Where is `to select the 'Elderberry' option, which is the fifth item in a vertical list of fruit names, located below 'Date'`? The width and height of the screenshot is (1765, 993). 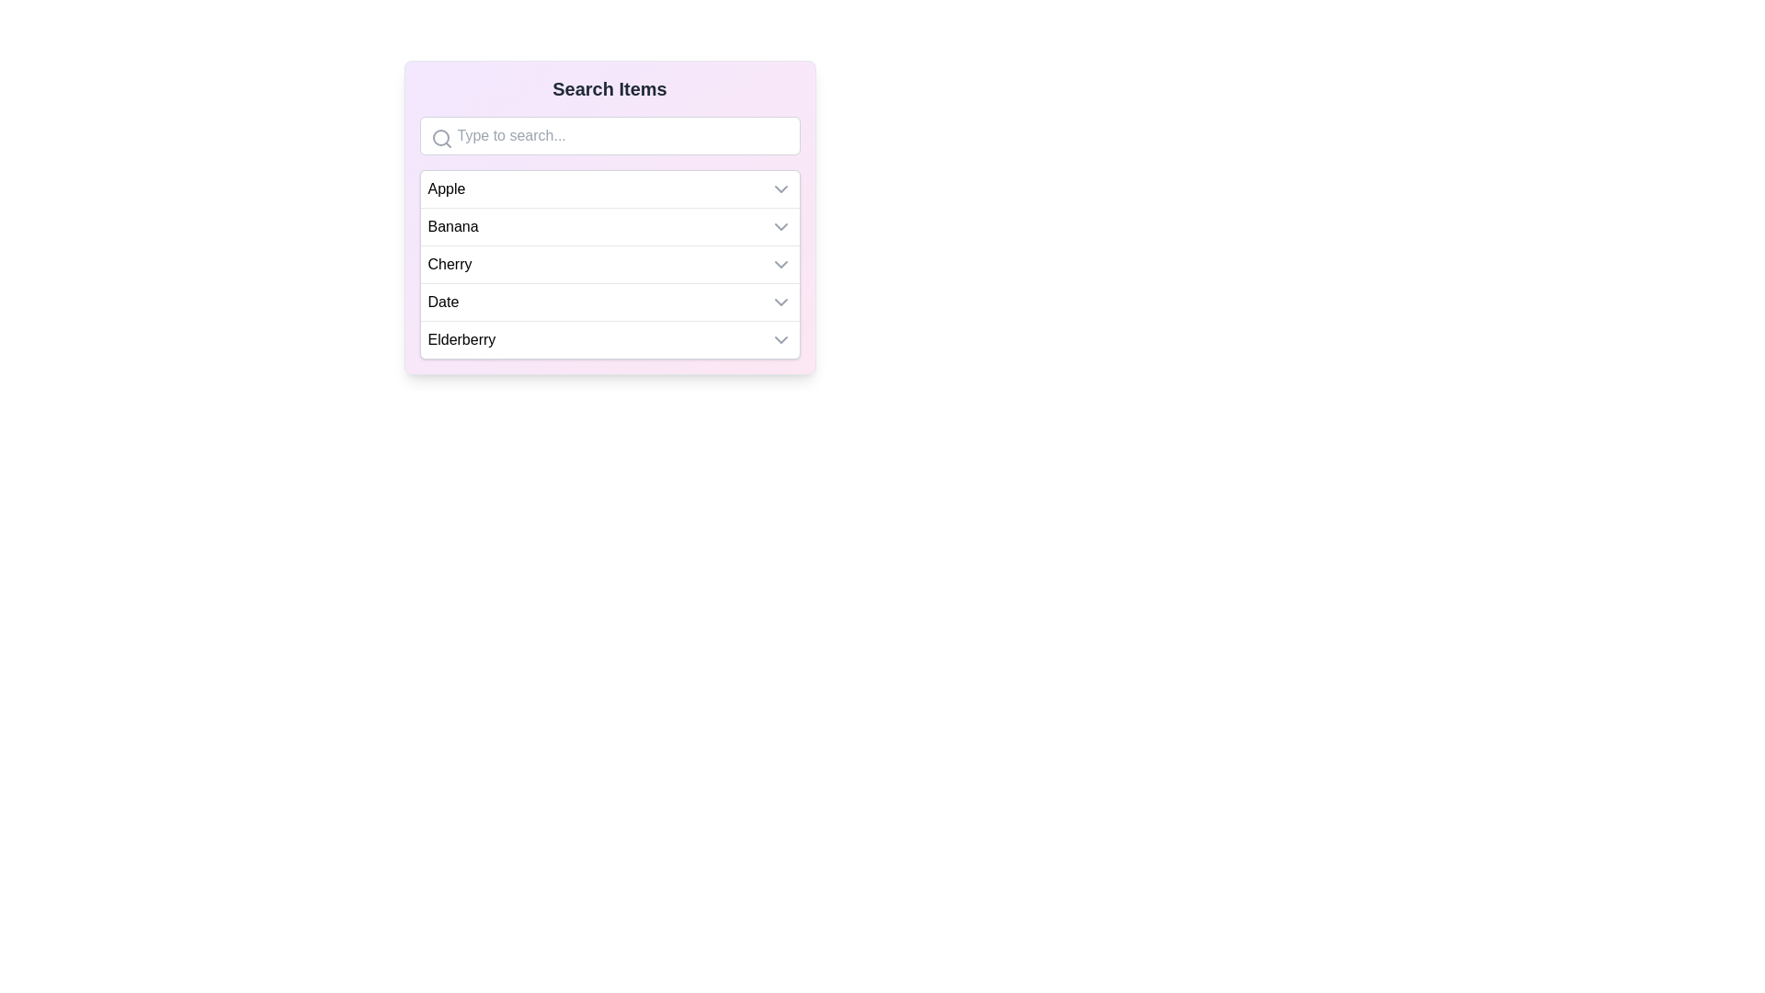
to select the 'Elderberry' option, which is the fifth item in a vertical list of fruit names, located below 'Date' is located at coordinates (609, 339).